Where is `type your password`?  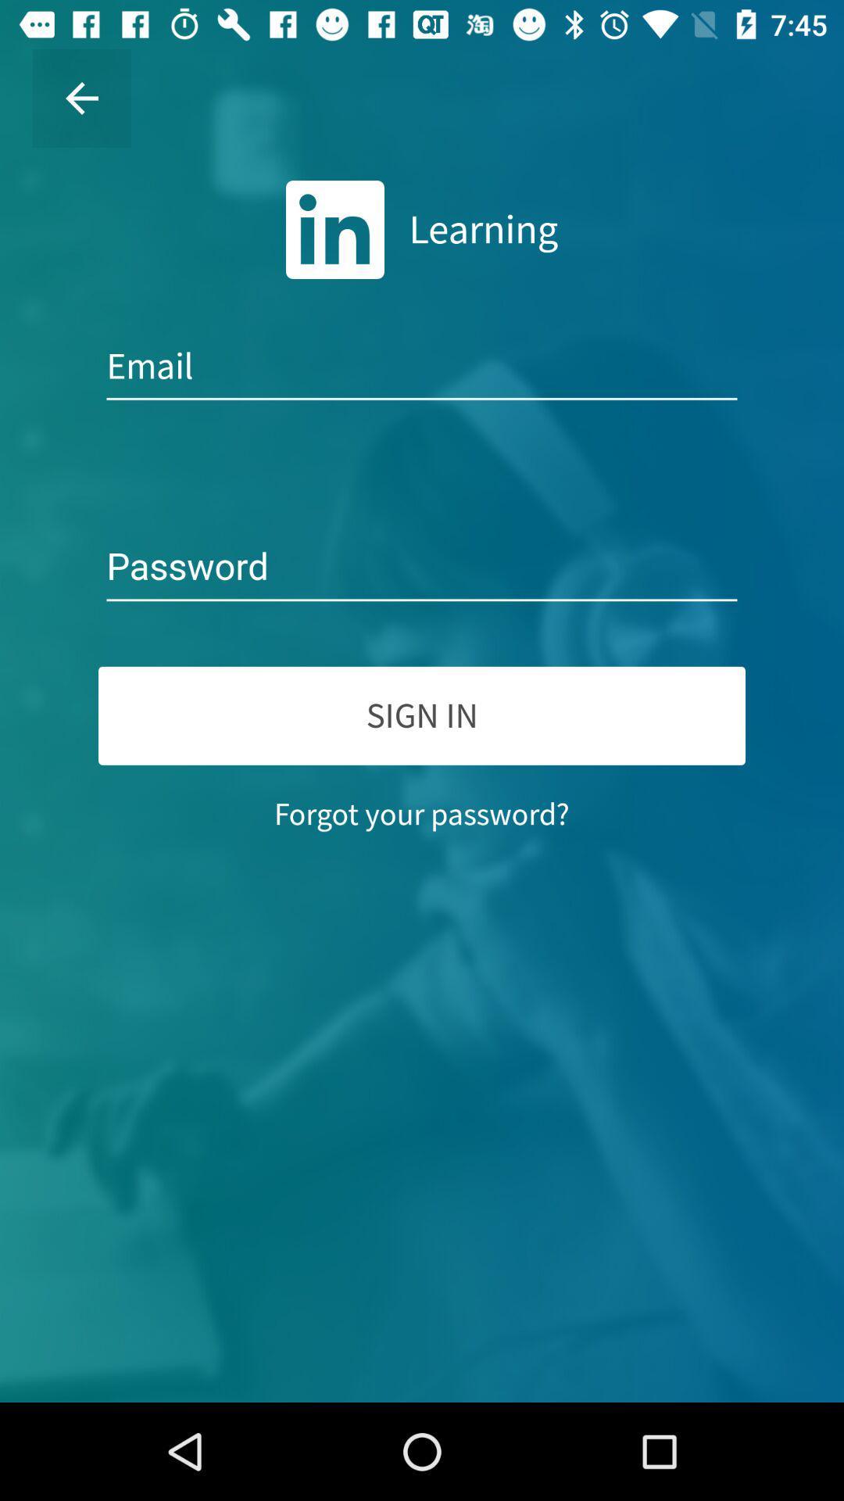
type your password is located at coordinates (422, 567).